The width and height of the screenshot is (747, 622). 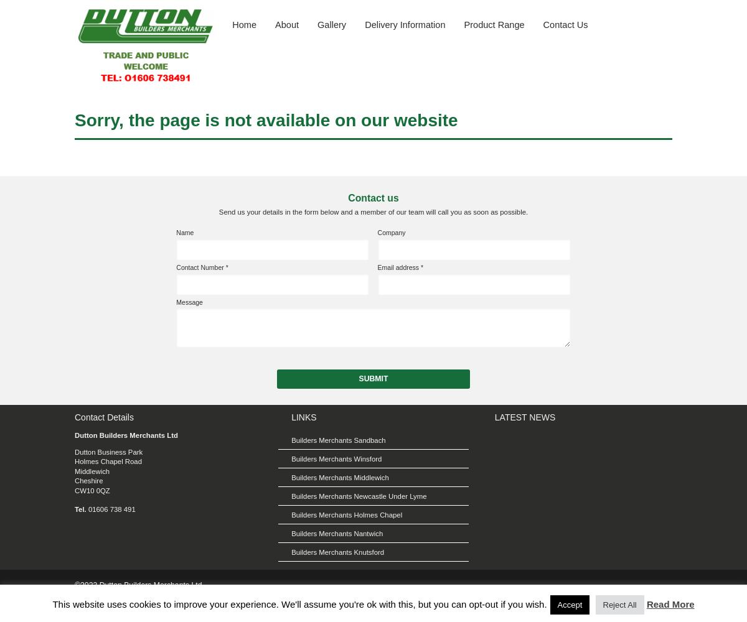 I want to click on 'Dutton Business Park', so click(x=108, y=452).